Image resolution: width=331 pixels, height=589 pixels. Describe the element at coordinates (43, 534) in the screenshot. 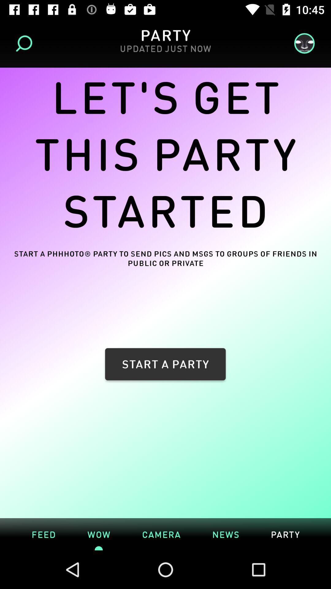

I see `the feed` at that location.